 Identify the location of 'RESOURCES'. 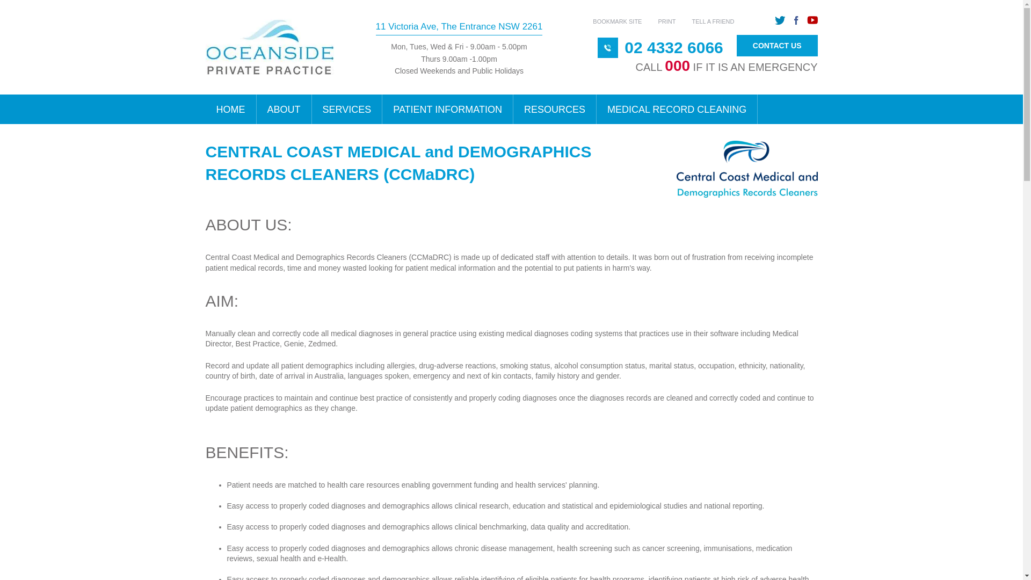
(512, 109).